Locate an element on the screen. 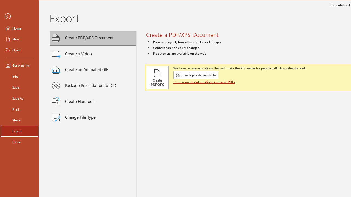 Image resolution: width=351 pixels, height=197 pixels. 'Create PDF/XPS' is located at coordinates (157, 78).